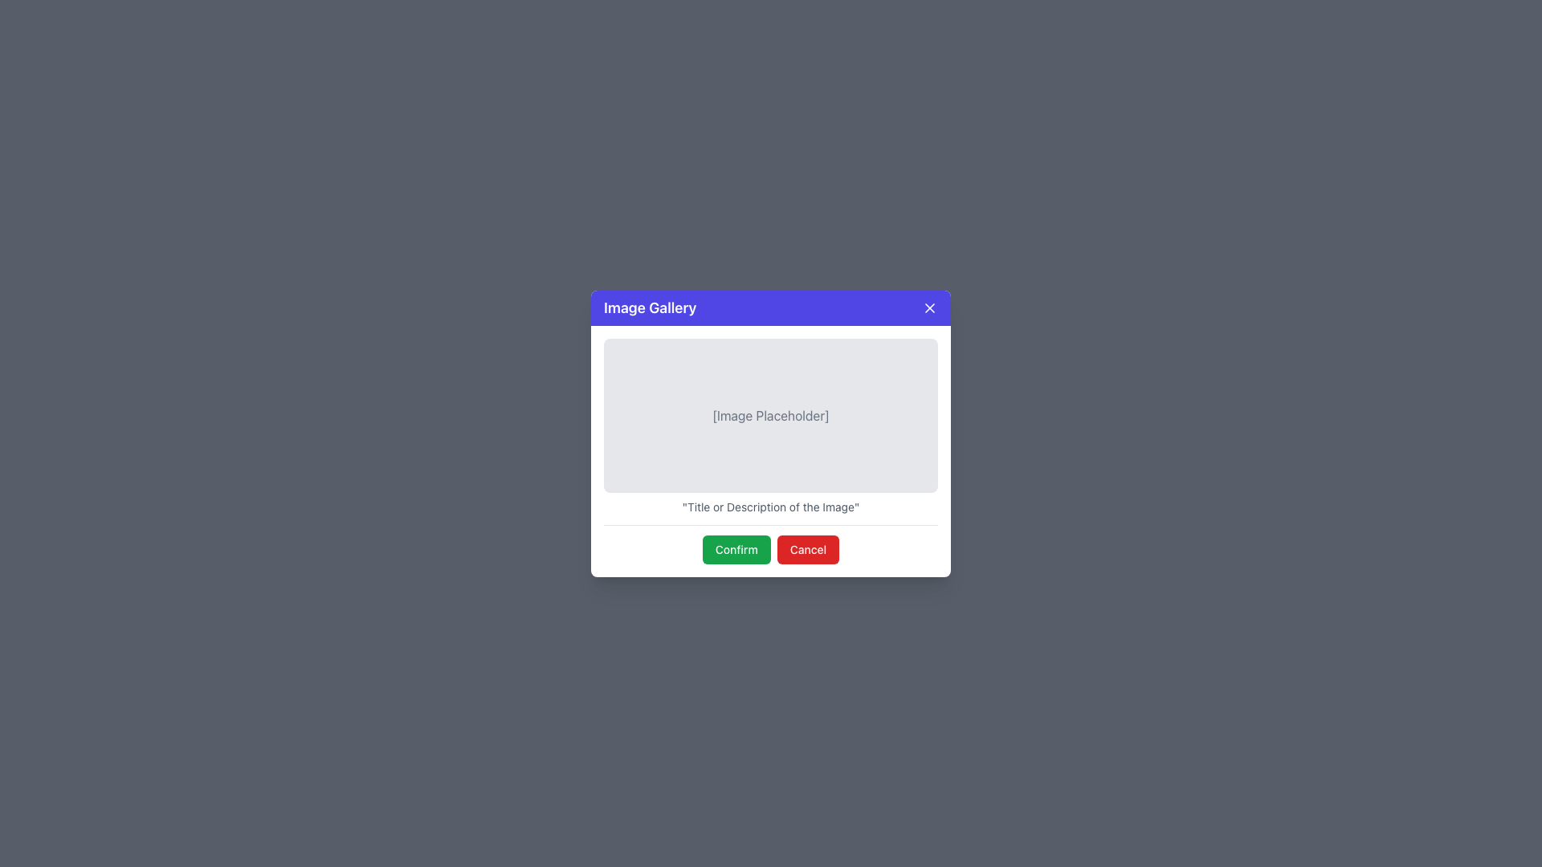 Image resolution: width=1542 pixels, height=867 pixels. What do you see at coordinates (808, 548) in the screenshot?
I see `the 'Cancel' button with a red background and white text at the bottom right corner of the 'Image Gallery' modal` at bounding box center [808, 548].